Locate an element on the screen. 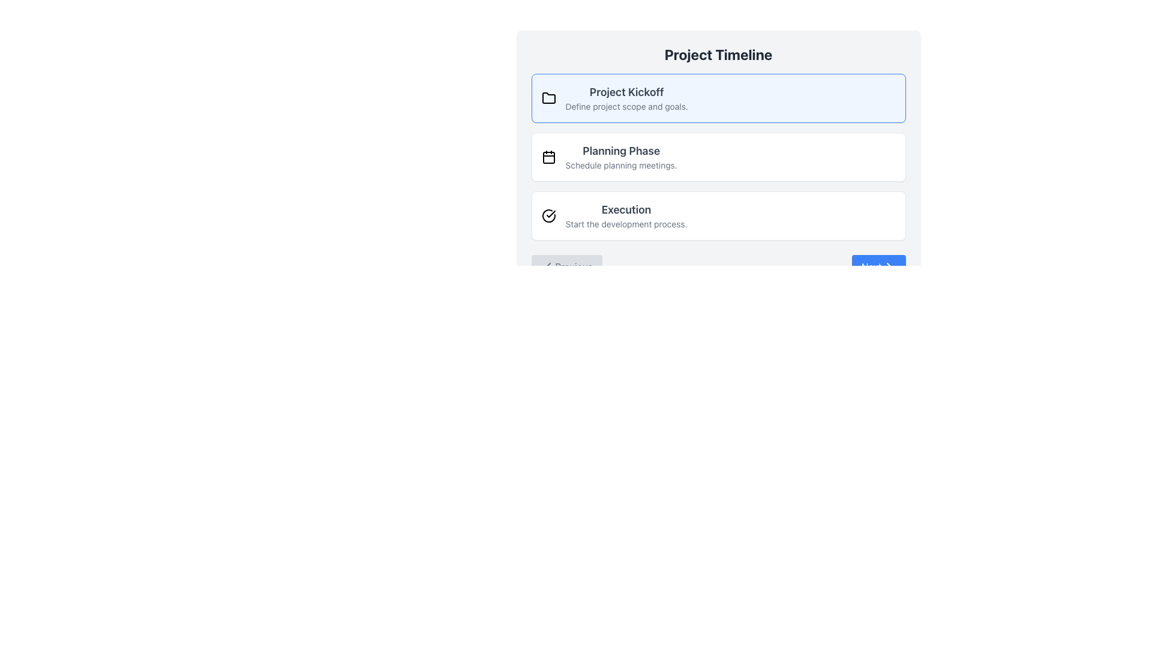 The width and height of the screenshot is (1152, 648). the informational card representing the planning phase in the project timeline, located in the second position of the list is located at coordinates (718, 157).